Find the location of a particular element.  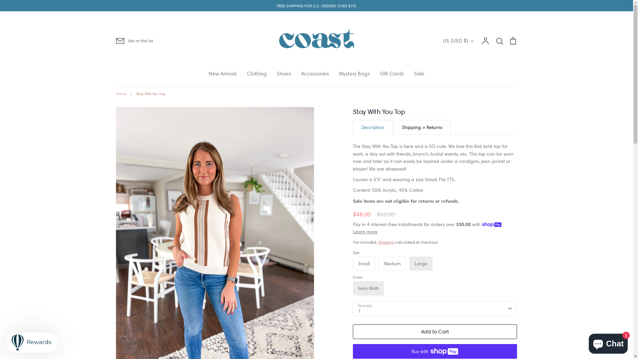

'Sale' is located at coordinates (419, 73).